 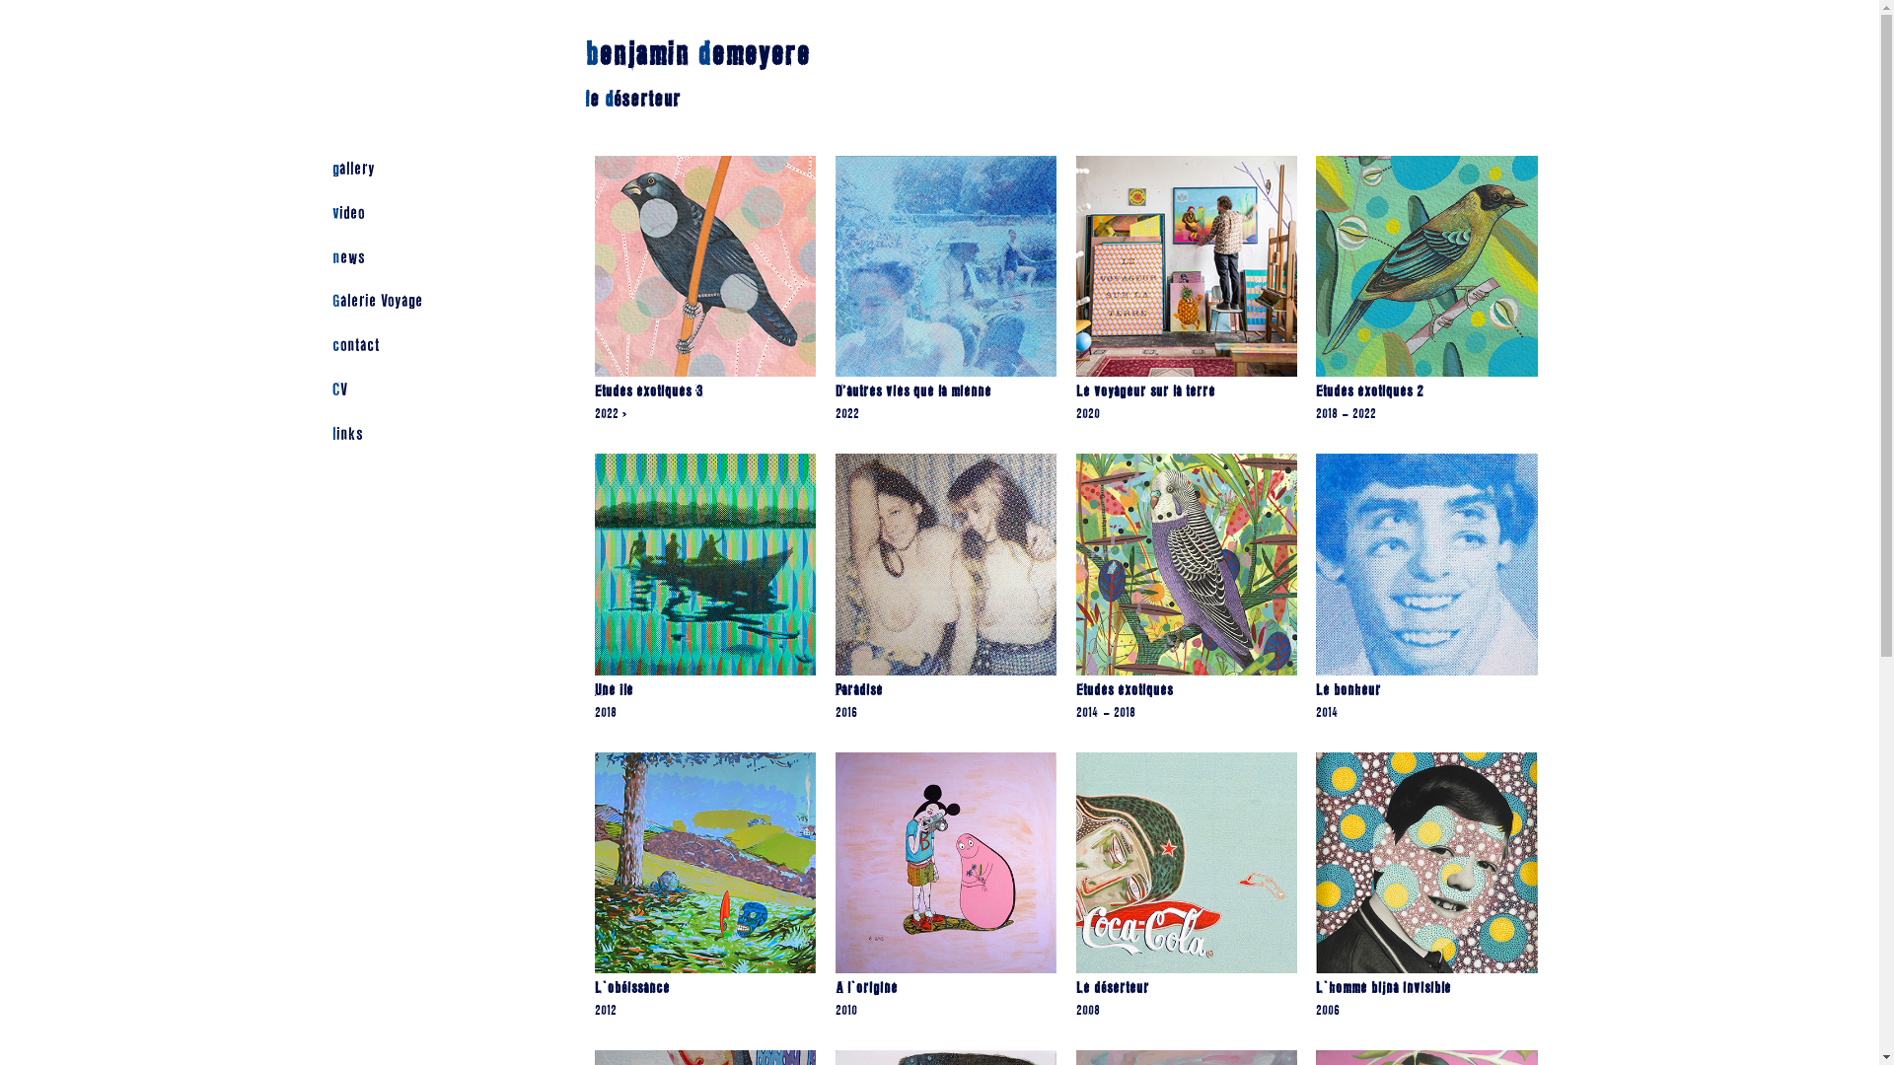 What do you see at coordinates (431, 434) in the screenshot?
I see `'links'` at bounding box center [431, 434].